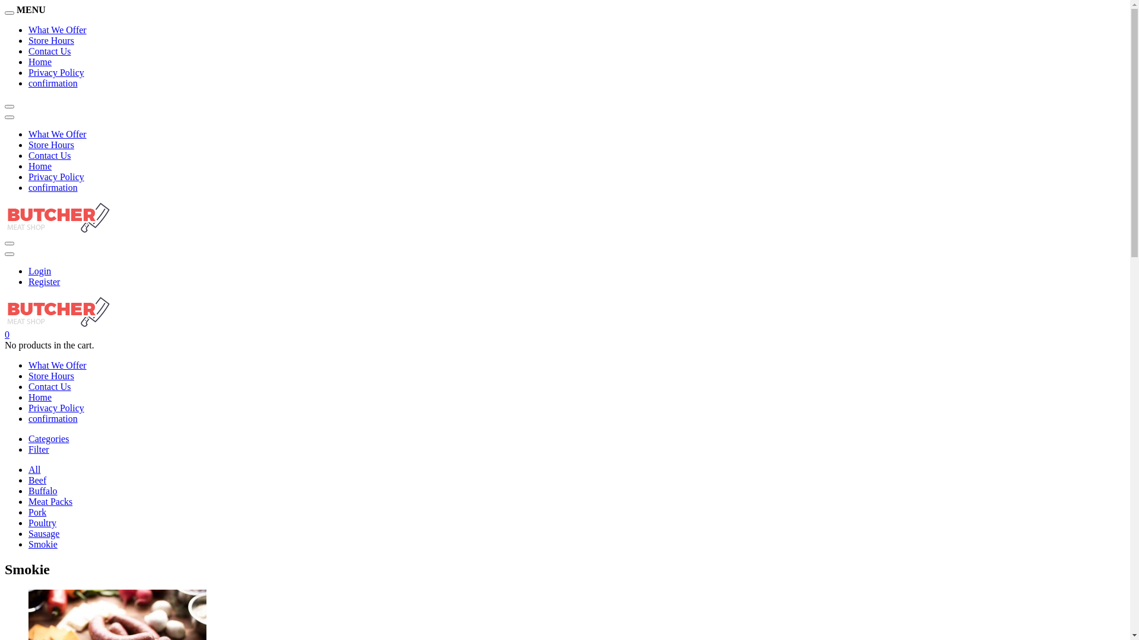  I want to click on 'Login', so click(40, 271).